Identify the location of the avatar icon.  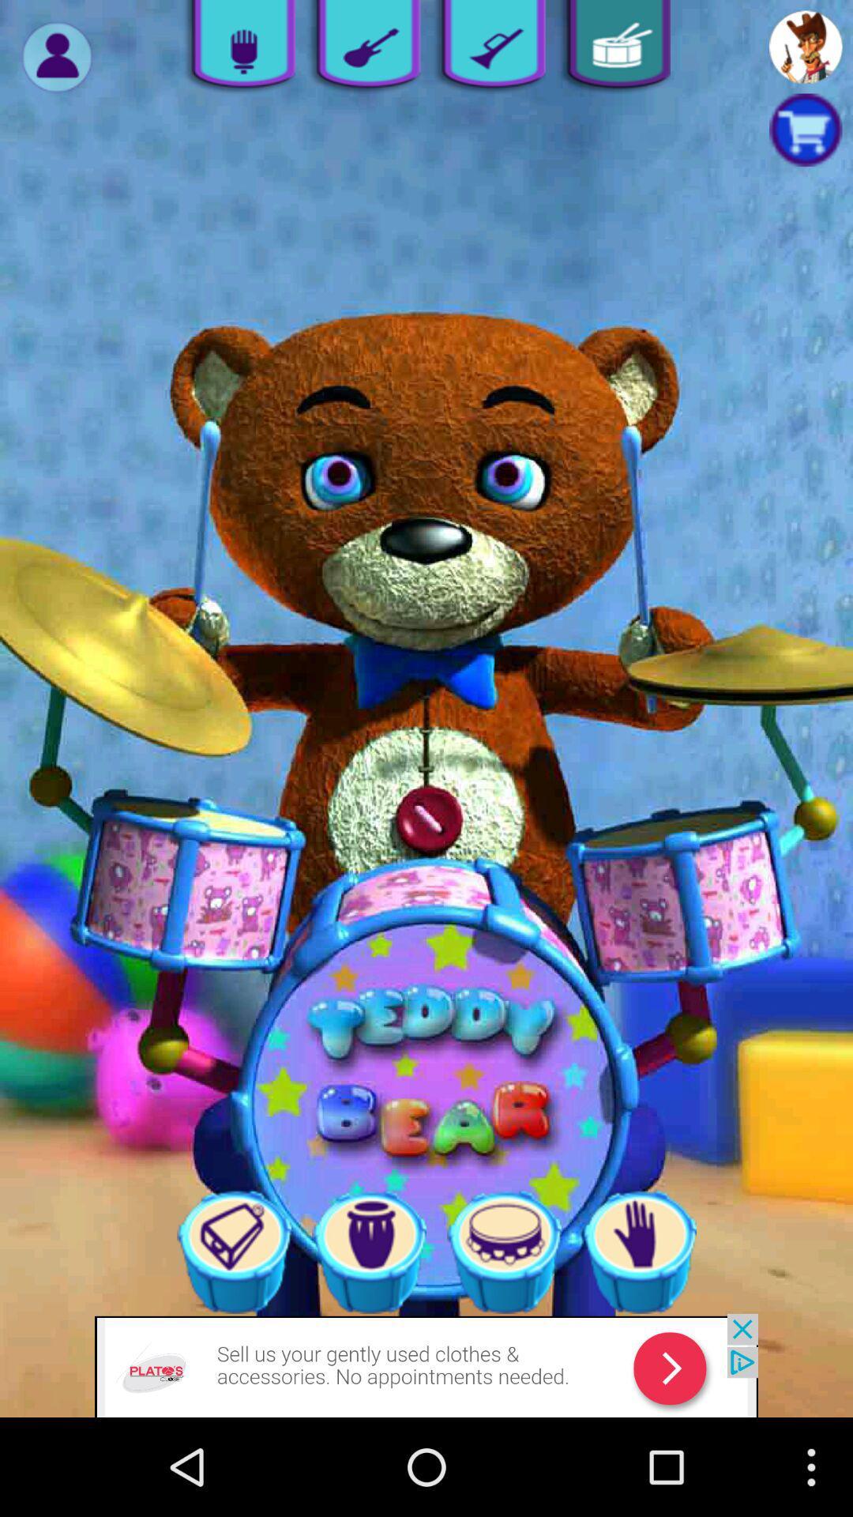
(806, 50).